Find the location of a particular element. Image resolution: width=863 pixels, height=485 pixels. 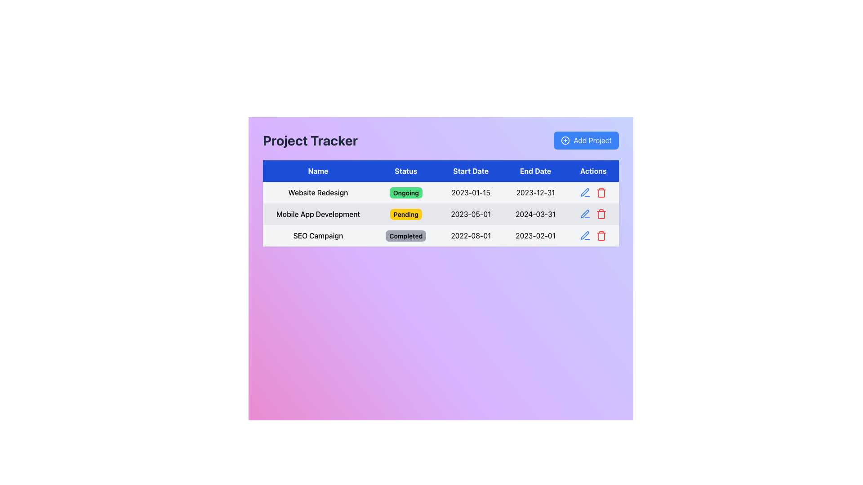

the pen icon in the 'Actions' column of the first entry in the table is located at coordinates (585, 192).